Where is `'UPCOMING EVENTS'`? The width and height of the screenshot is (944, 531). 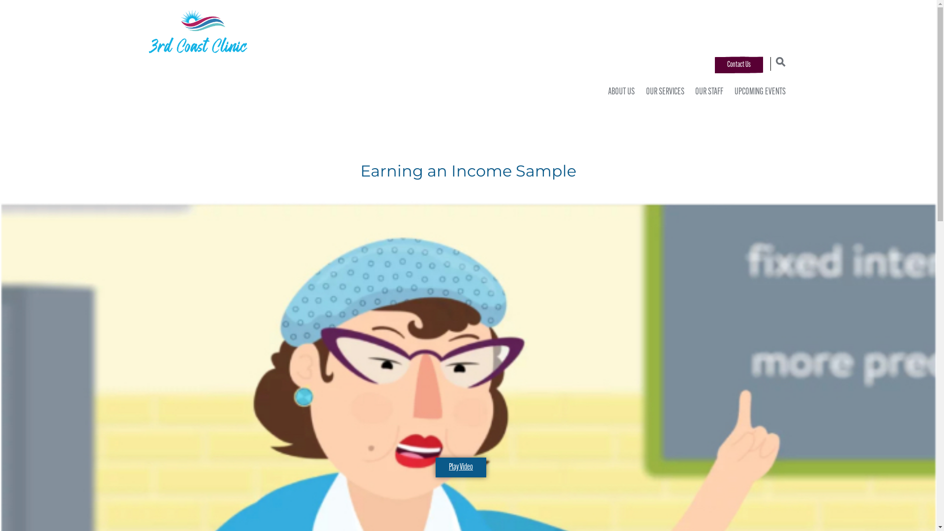
'UPCOMING EVENTS' is located at coordinates (757, 92).